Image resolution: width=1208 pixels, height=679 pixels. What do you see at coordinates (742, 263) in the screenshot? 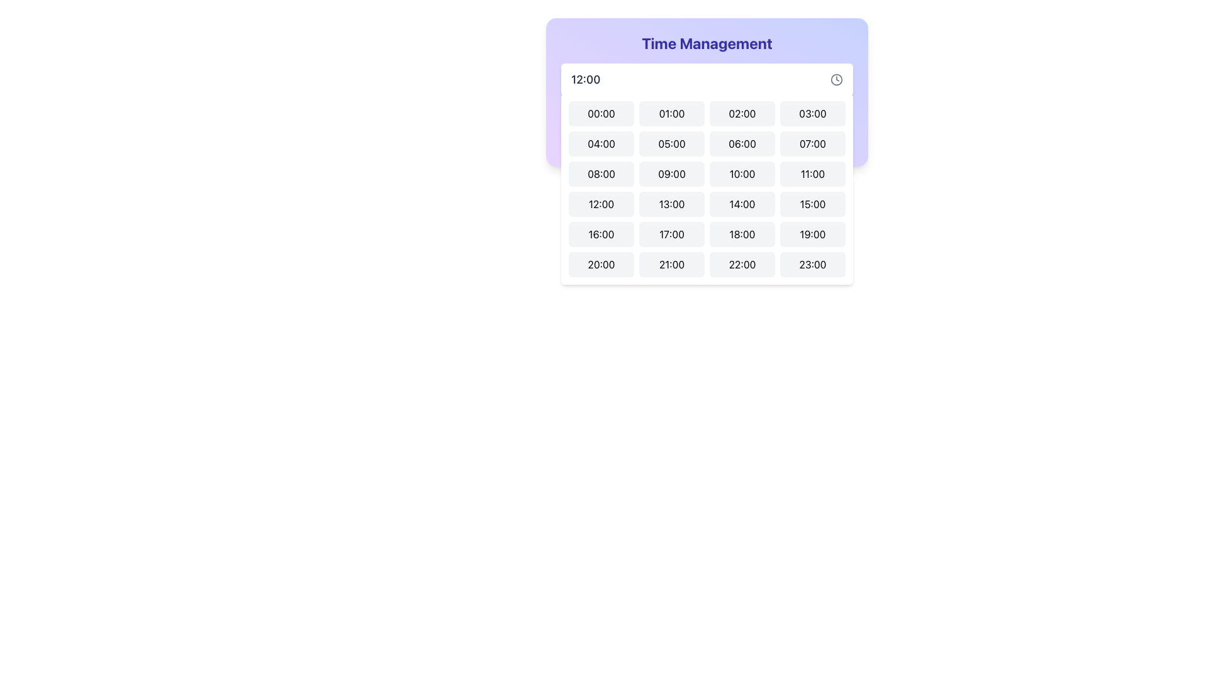
I see `the button representing the time value '22:00' in the time picker interface, located in the sixth row and third column under 'Time Management.'` at bounding box center [742, 263].